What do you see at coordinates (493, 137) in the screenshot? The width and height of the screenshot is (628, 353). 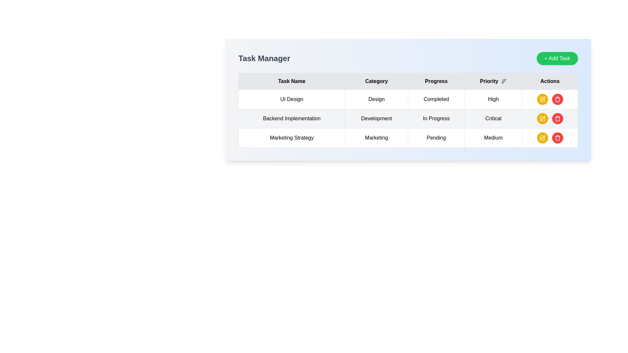 I see `the table cell indicating 'Medium' priority level for the task in the last visible cell of the 'Marketing Strategy' row under the 'Priority' column` at bounding box center [493, 137].